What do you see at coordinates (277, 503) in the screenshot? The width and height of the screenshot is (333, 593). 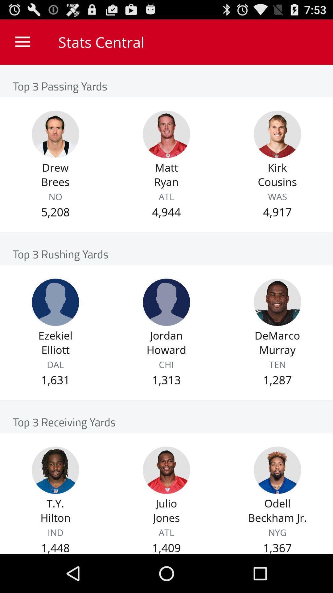 I see `the avatar icon` at bounding box center [277, 503].